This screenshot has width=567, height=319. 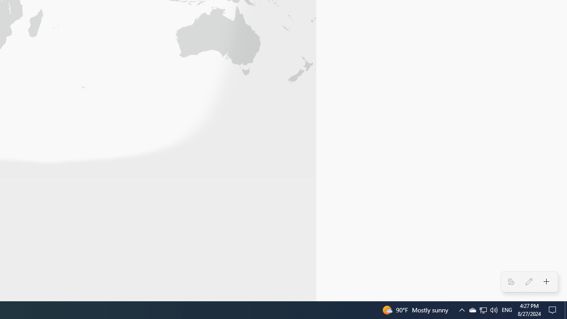 What do you see at coordinates (511, 282) in the screenshot?
I see `'Compare Time'` at bounding box center [511, 282].